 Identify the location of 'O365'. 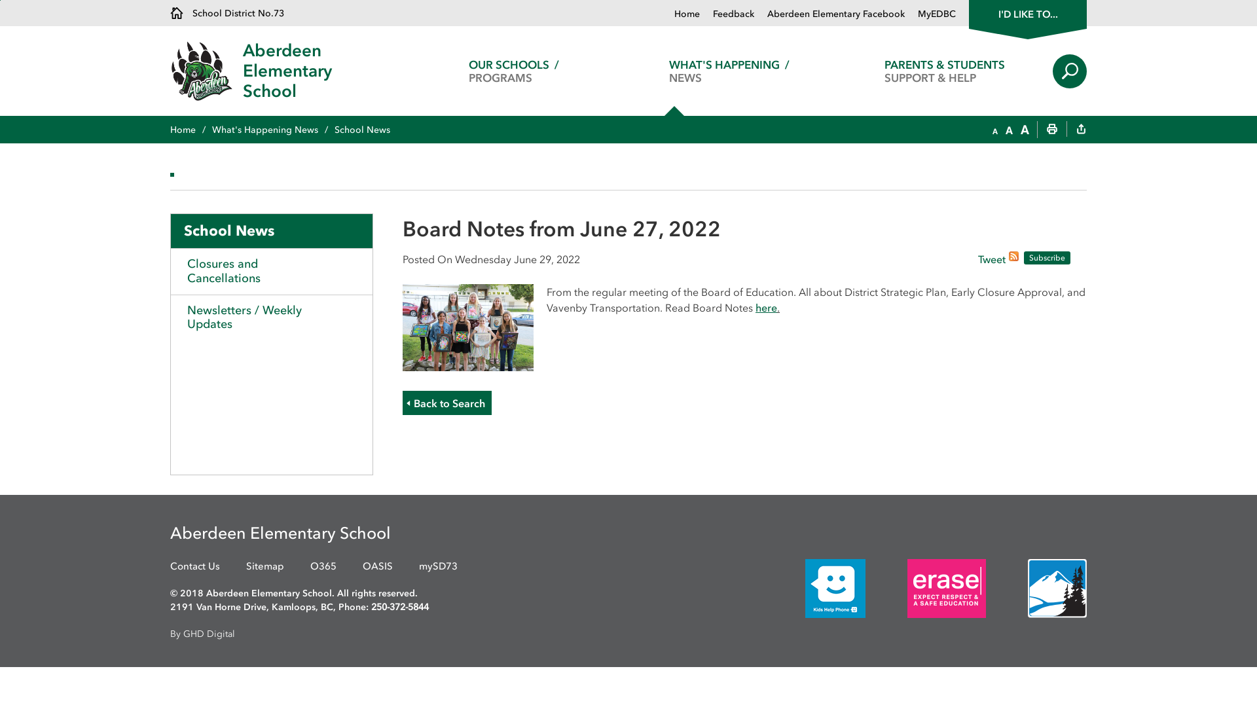
(310, 566).